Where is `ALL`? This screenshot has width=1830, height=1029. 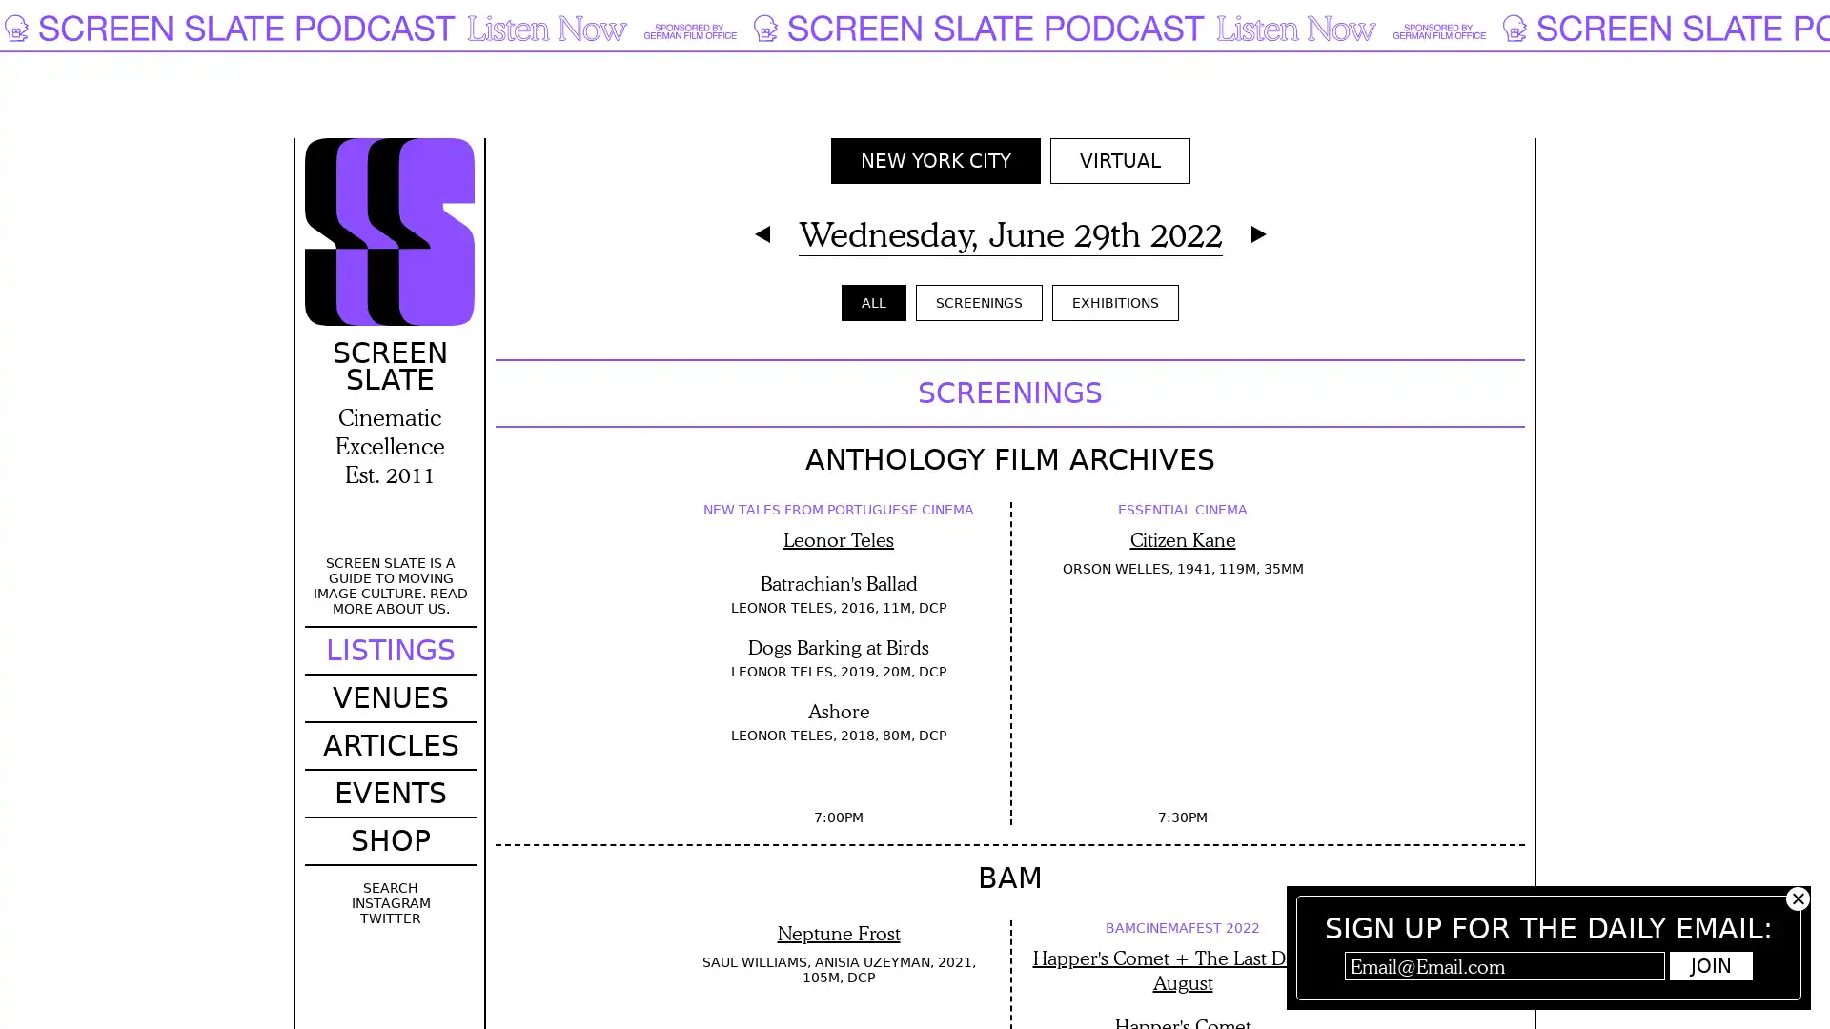
ALL is located at coordinates (872, 301).